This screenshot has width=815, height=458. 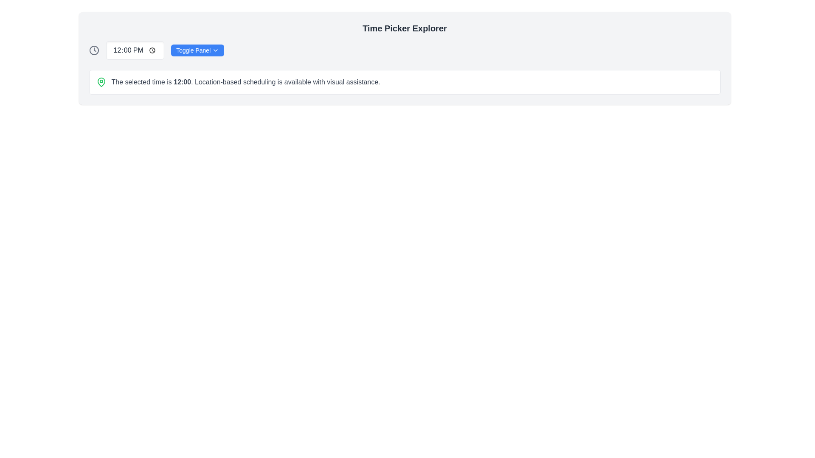 What do you see at coordinates (216, 50) in the screenshot?
I see `the chevron-down icon next to the 'Toggle Panel' button` at bounding box center [216, 50].